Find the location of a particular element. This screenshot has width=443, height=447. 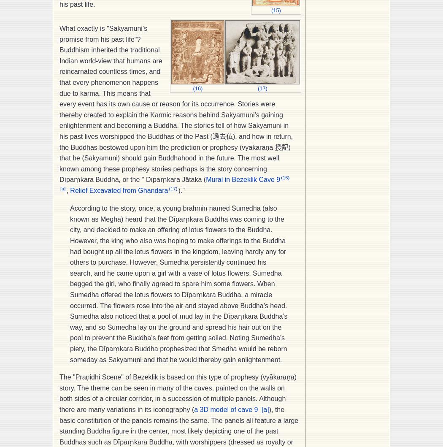

'Relief Excavated from Ghandara' is located at coordinates (119, 190).